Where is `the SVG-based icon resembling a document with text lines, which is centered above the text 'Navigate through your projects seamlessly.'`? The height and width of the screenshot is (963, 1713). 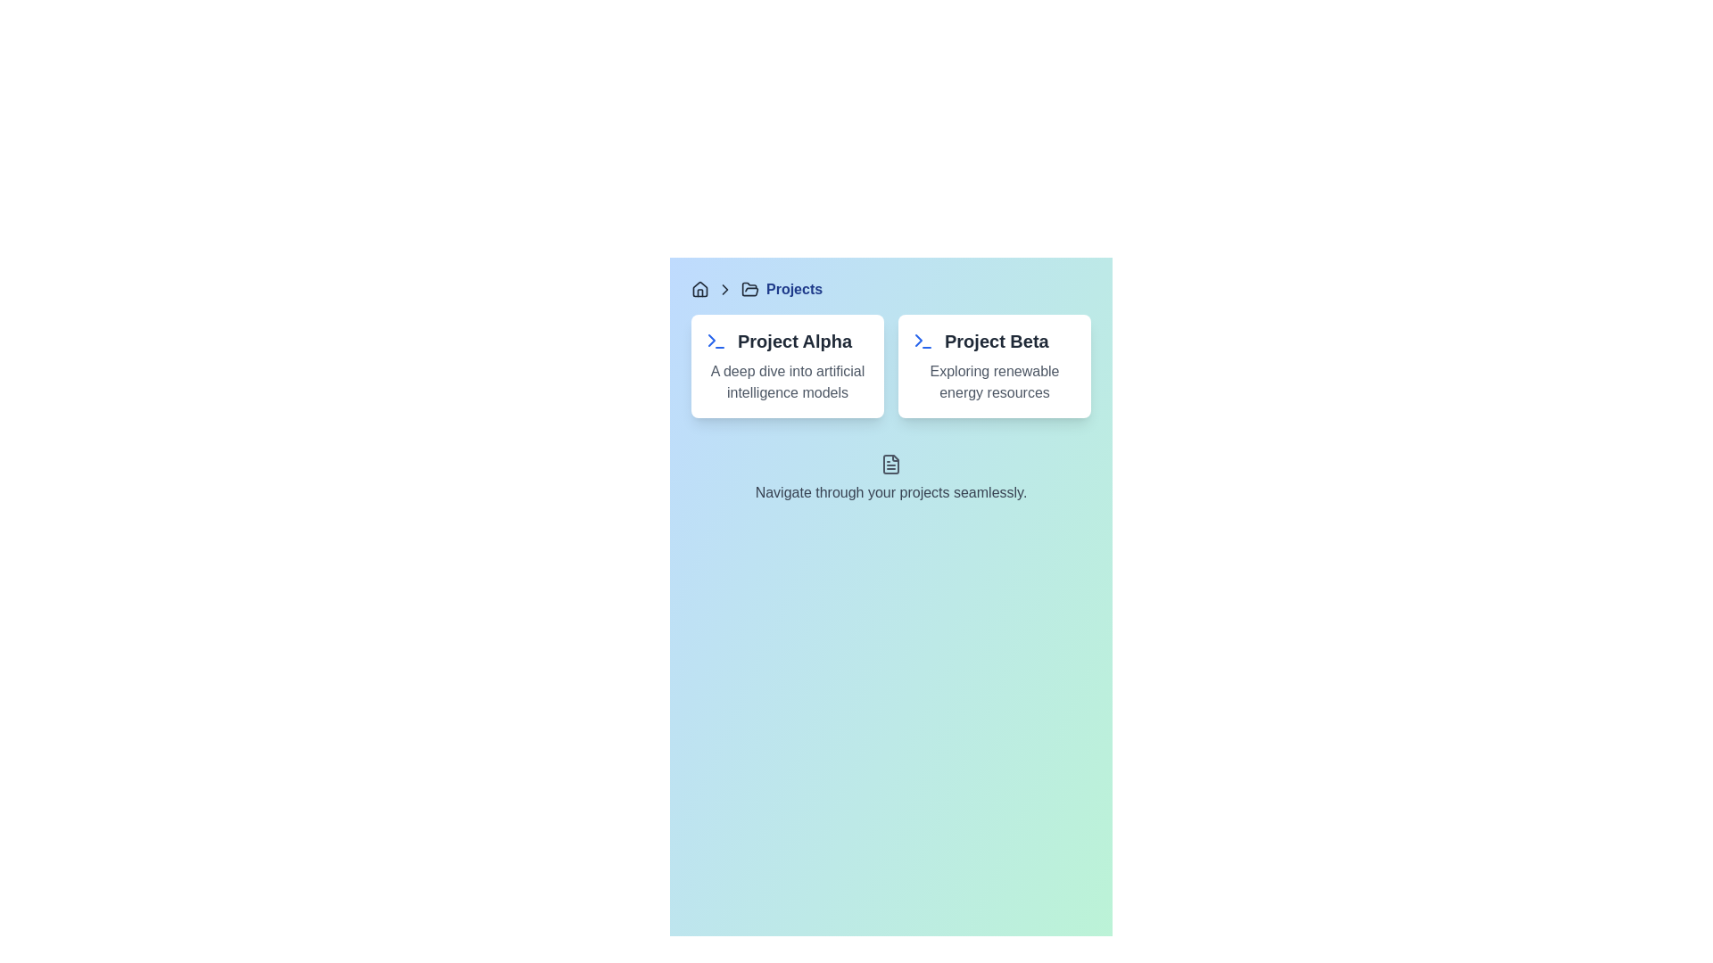
the SVG-based icon resembling a document with text lines, which is centered above the text 'Navigate through your projects seamlessly.' is located at coordinates (890, 463).